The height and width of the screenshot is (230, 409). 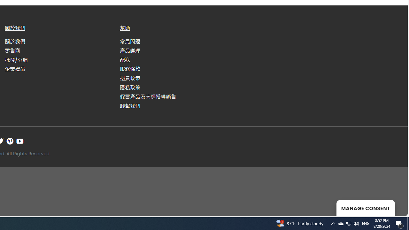 I want to click on 'Follow on Pinterest', so click(x=10, y=141).